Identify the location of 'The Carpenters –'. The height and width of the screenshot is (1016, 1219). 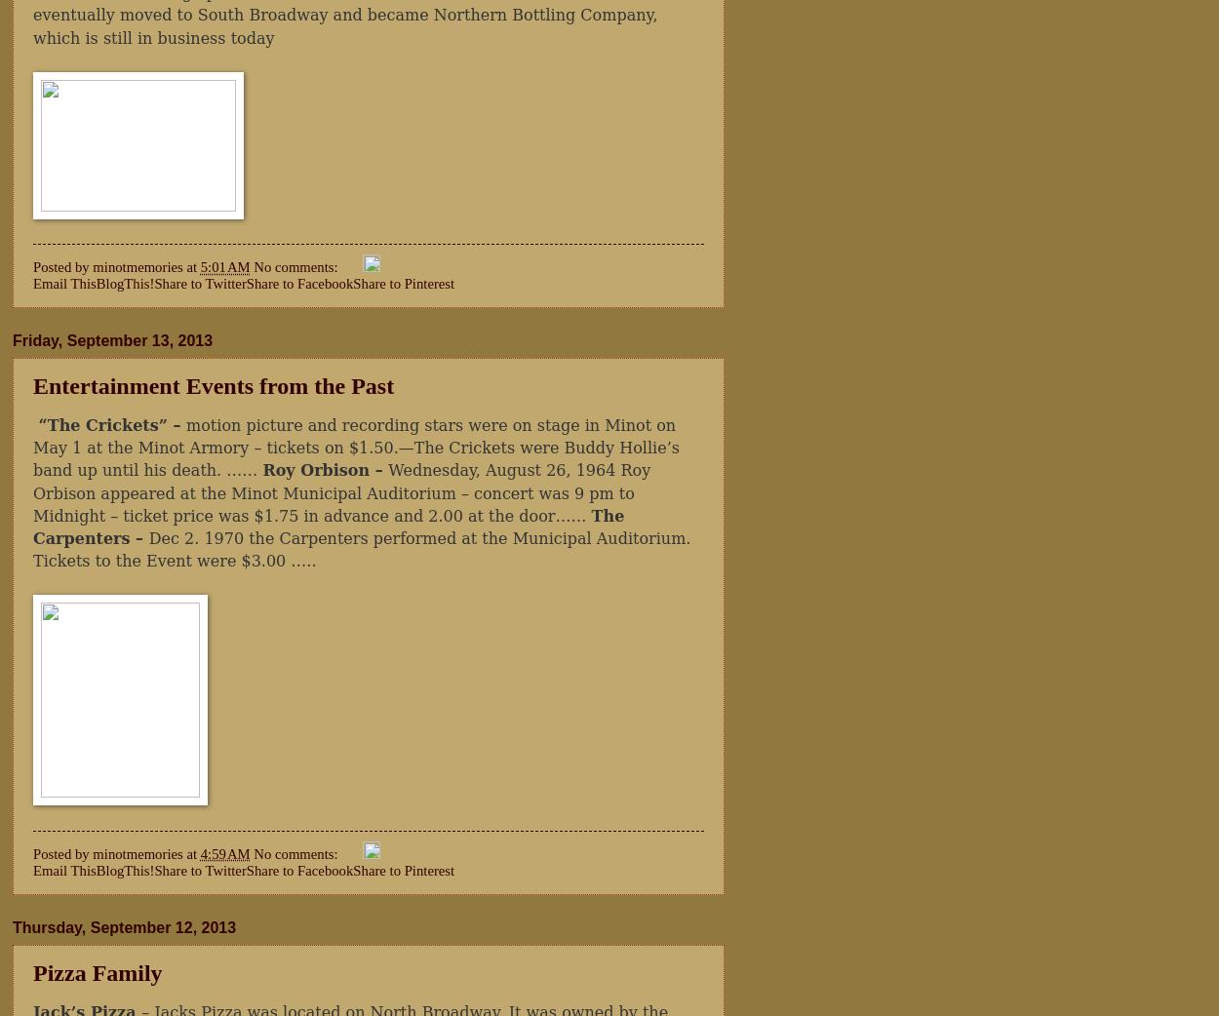
(328, 525).